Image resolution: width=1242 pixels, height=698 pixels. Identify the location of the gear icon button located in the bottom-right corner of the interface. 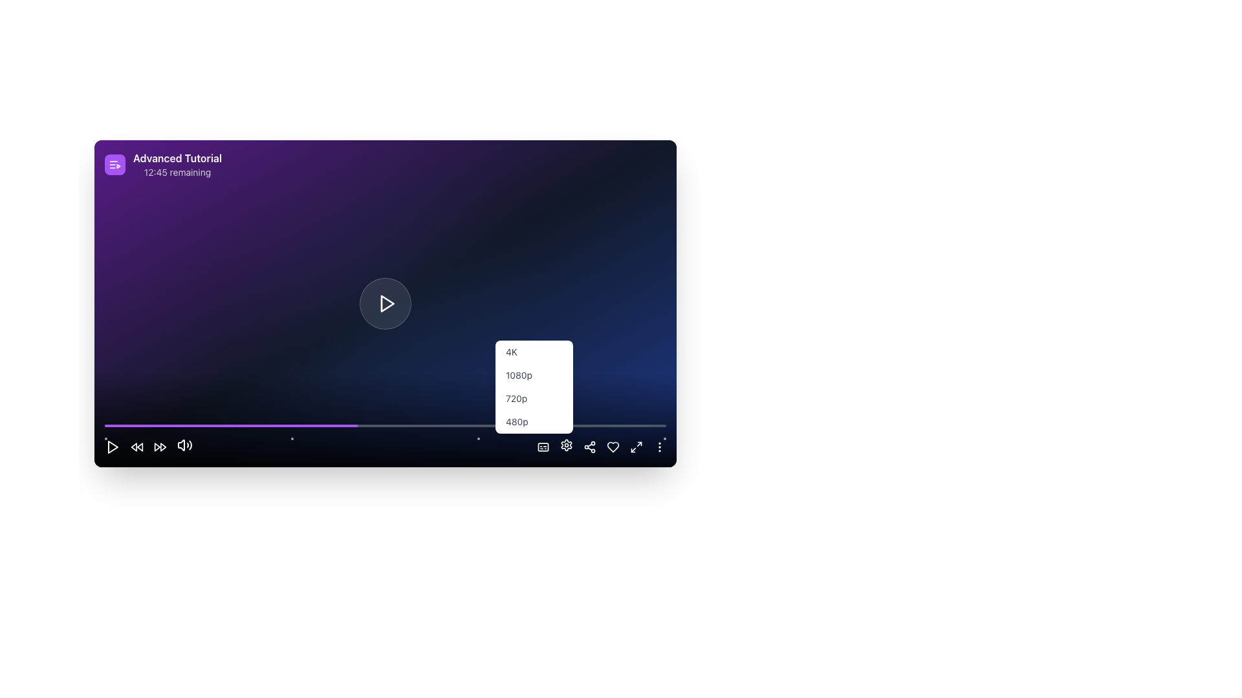
(566, 446).